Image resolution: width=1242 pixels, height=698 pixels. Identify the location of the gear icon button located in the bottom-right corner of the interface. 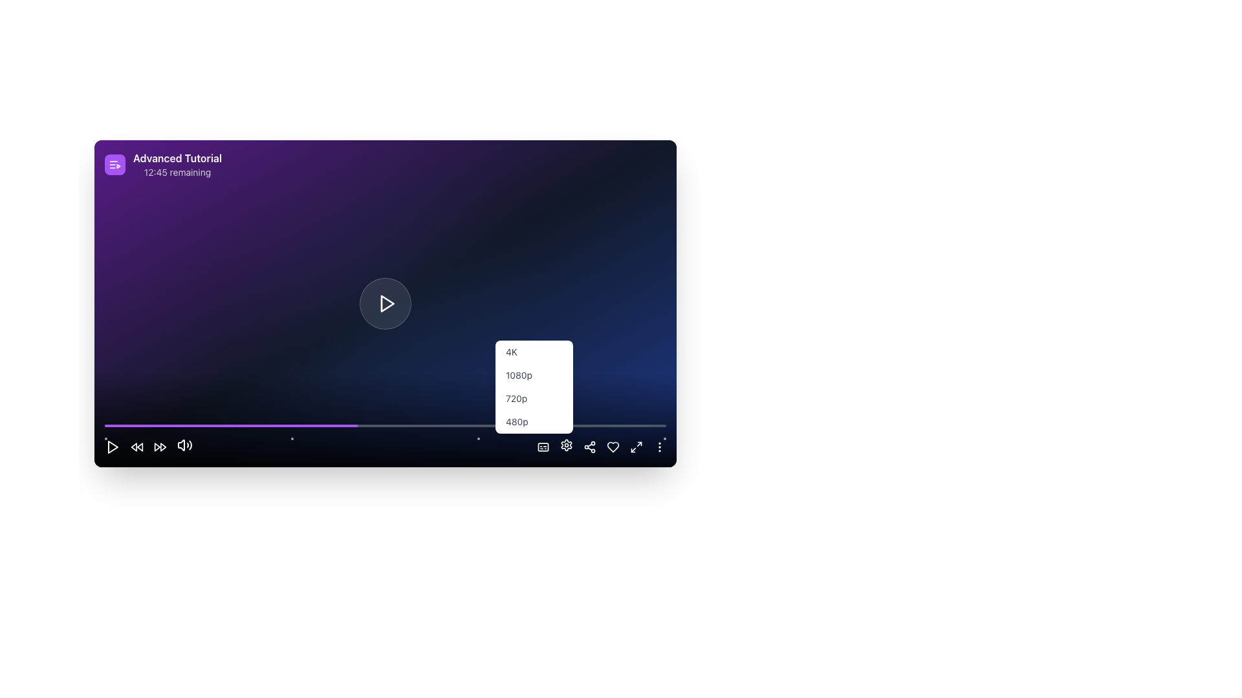
(566, 446).